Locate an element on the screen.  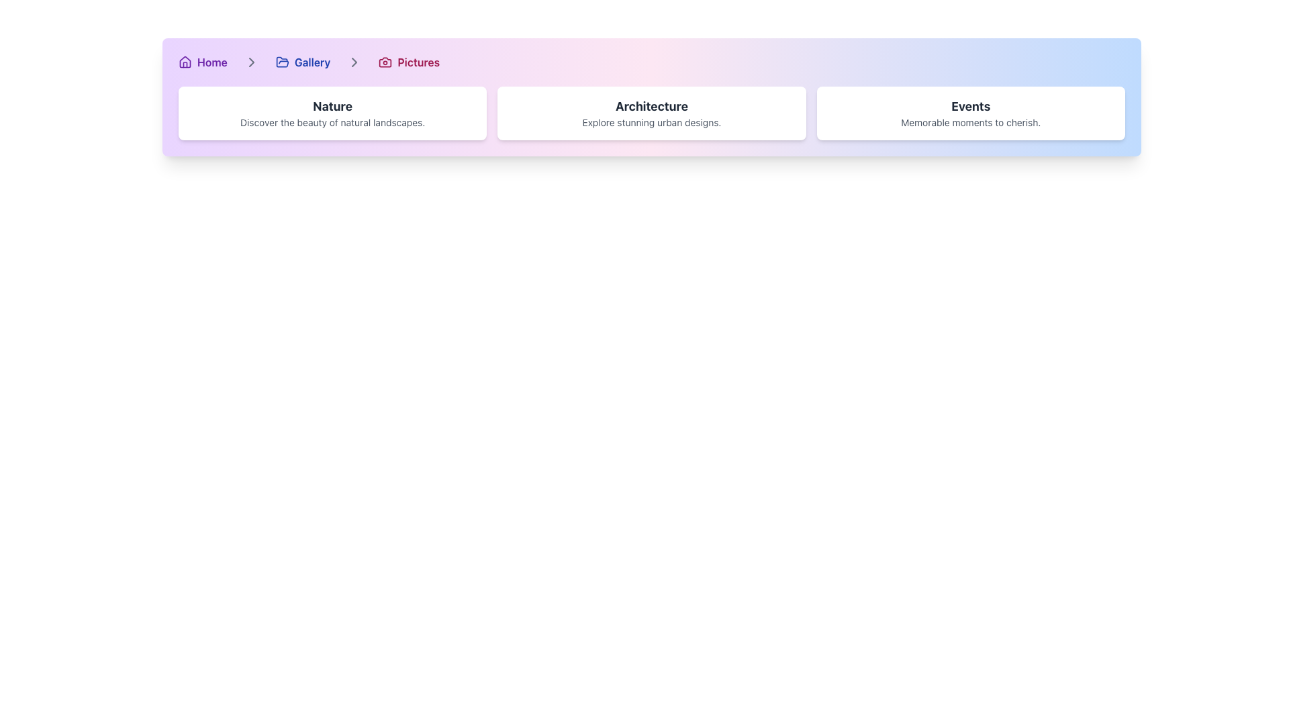
the camera icon located to the left of the 'Pictures' text in the breadcrumb navigation bar is located at coordinates (385, 62).